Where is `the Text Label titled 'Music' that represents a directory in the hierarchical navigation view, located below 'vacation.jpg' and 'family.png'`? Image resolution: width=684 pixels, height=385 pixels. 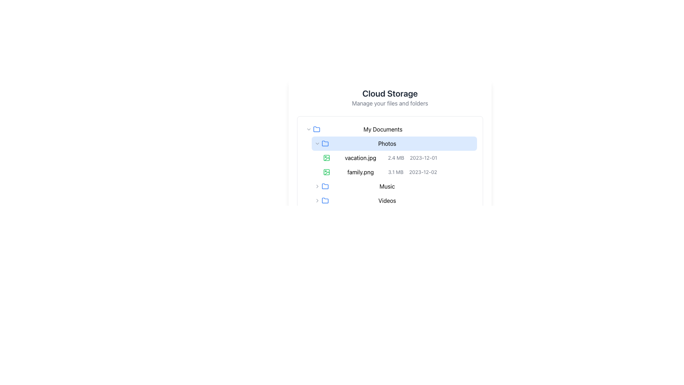 the Text Label titled 'Music' that represents a directory in the hierarchical navigation view, located below 'vacation.jpg' and 'family.png' is located at coordinates (387, 186).